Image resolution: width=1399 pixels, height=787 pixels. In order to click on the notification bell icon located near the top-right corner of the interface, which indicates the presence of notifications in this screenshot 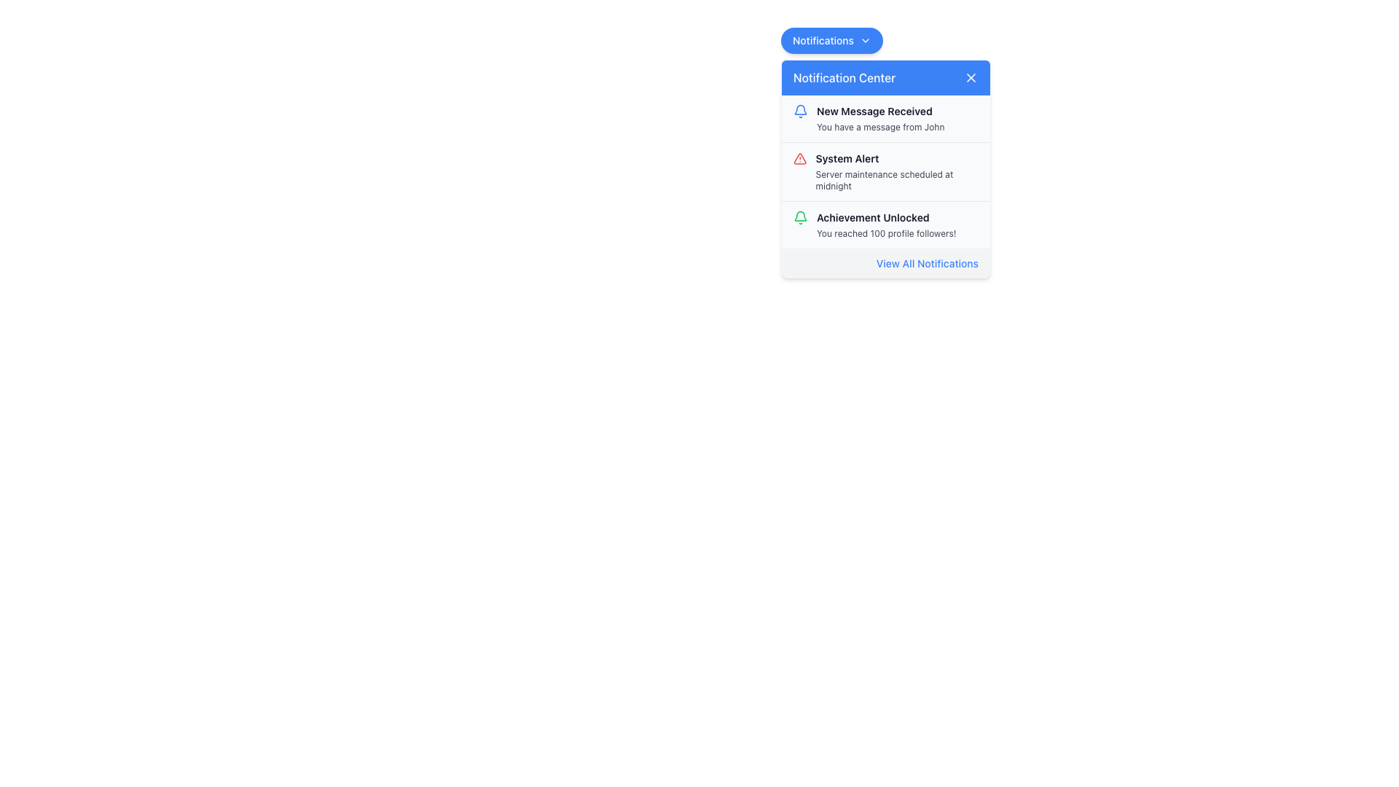, I will do `click(800, 216)`.